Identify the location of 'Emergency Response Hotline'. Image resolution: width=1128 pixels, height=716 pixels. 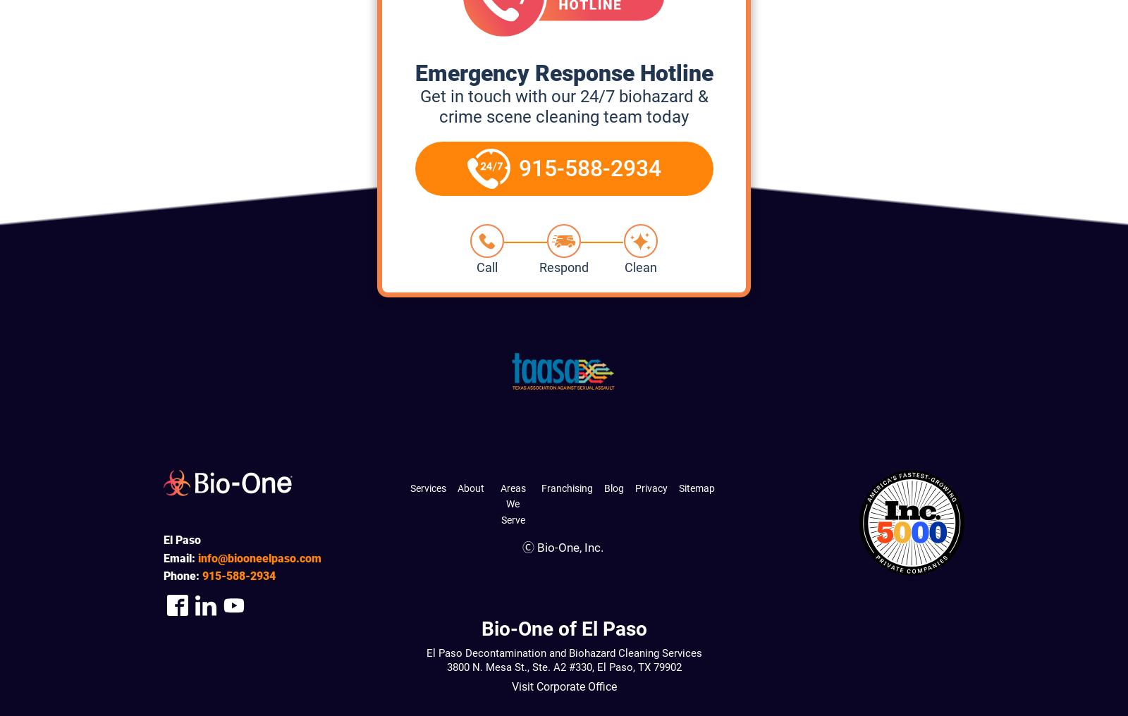
(563, 73).